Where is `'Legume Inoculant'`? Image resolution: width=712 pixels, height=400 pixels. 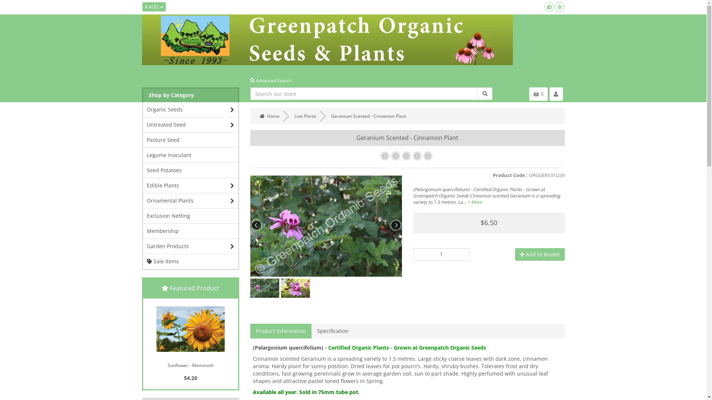 'Legume Inoculant' is located at coordinates (191, 155).